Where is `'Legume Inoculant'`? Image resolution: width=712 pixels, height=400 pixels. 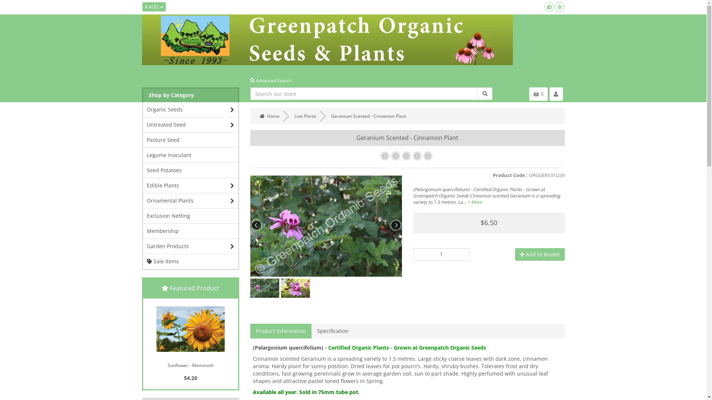 'Legume Inoculant' is located at coordinates (191, 155).